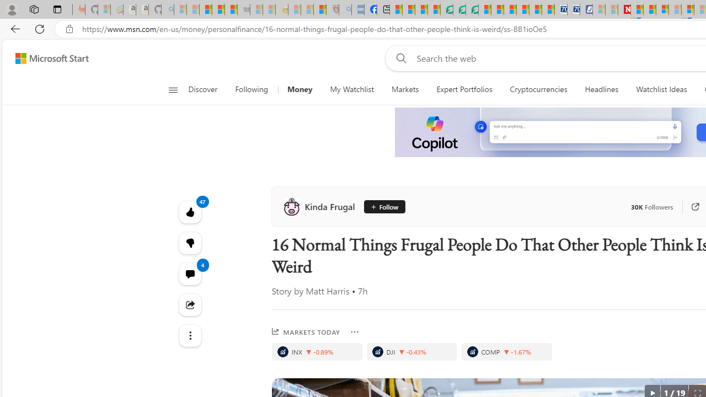 The height and width of the screenshot is (397, 706). Describe the element at coordinates (45, 58) in the screenshot. I see `'Skip to footer'` at that location.